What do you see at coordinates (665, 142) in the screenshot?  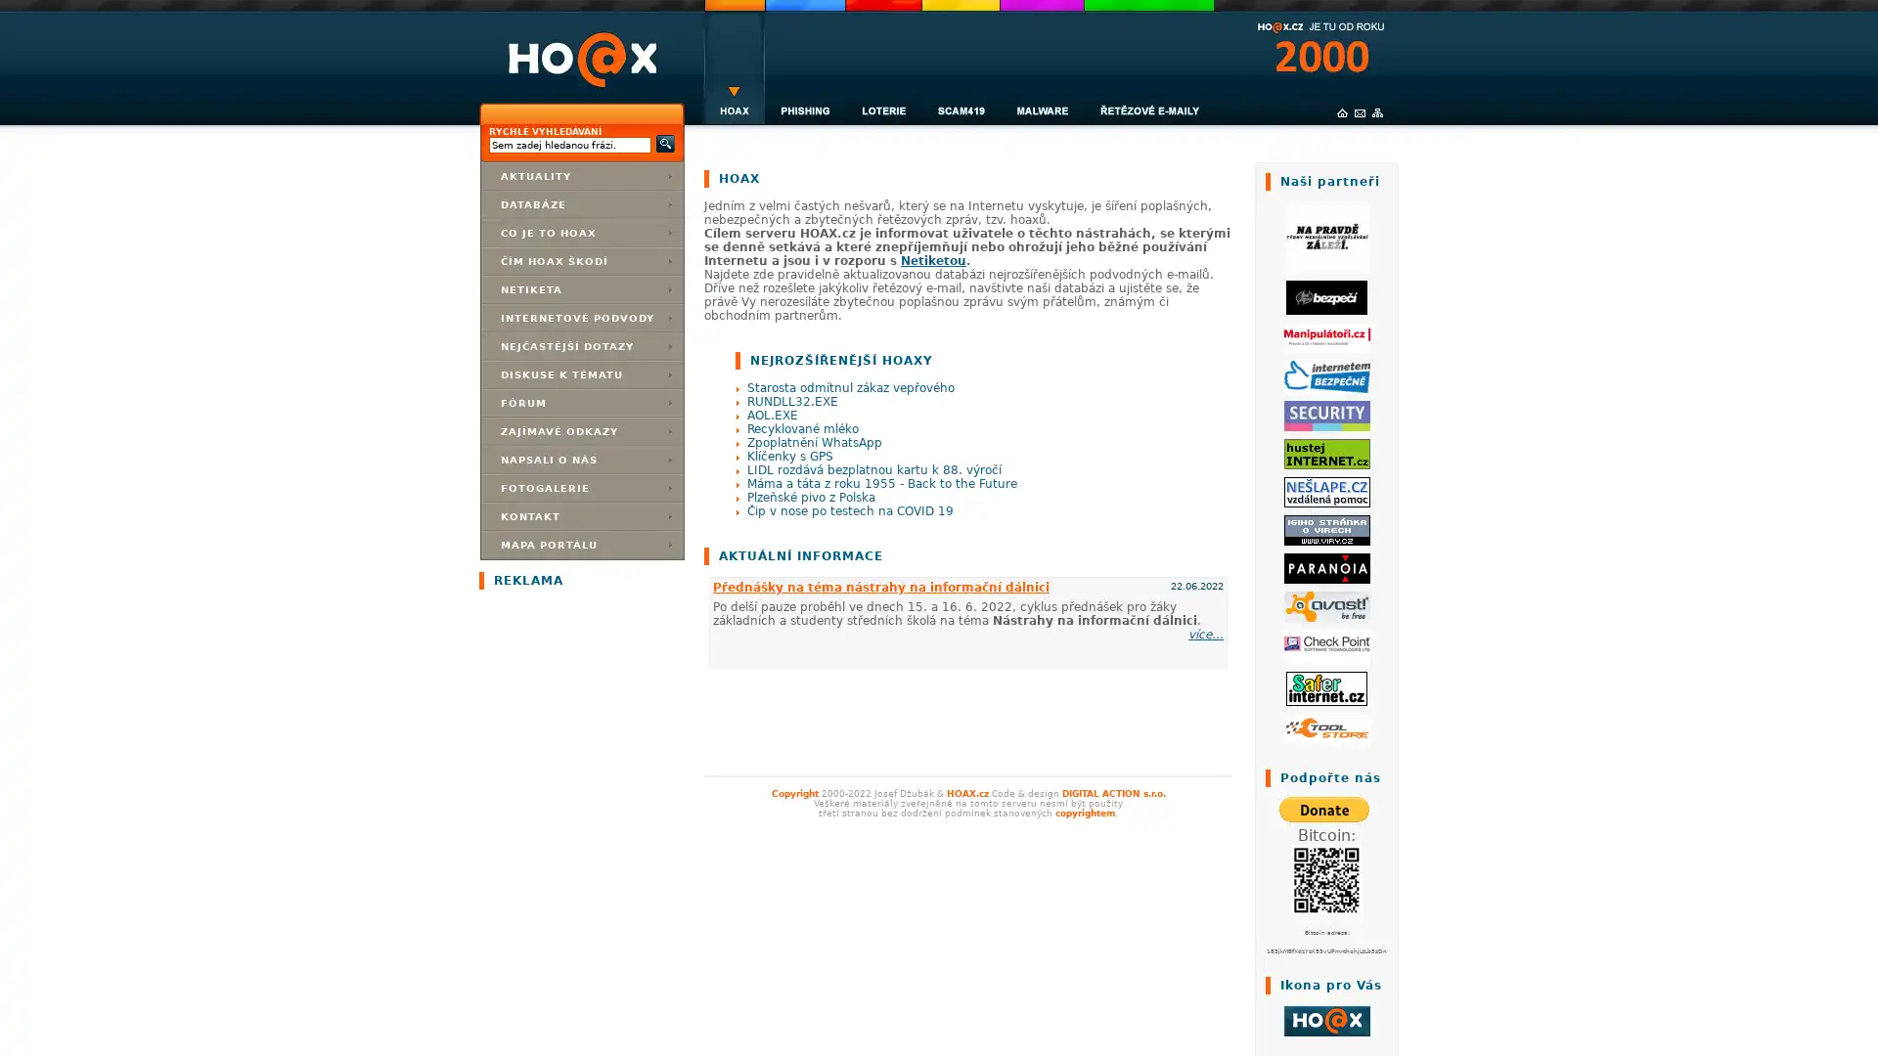 I see `Submit` at bounding box center [665, 142].